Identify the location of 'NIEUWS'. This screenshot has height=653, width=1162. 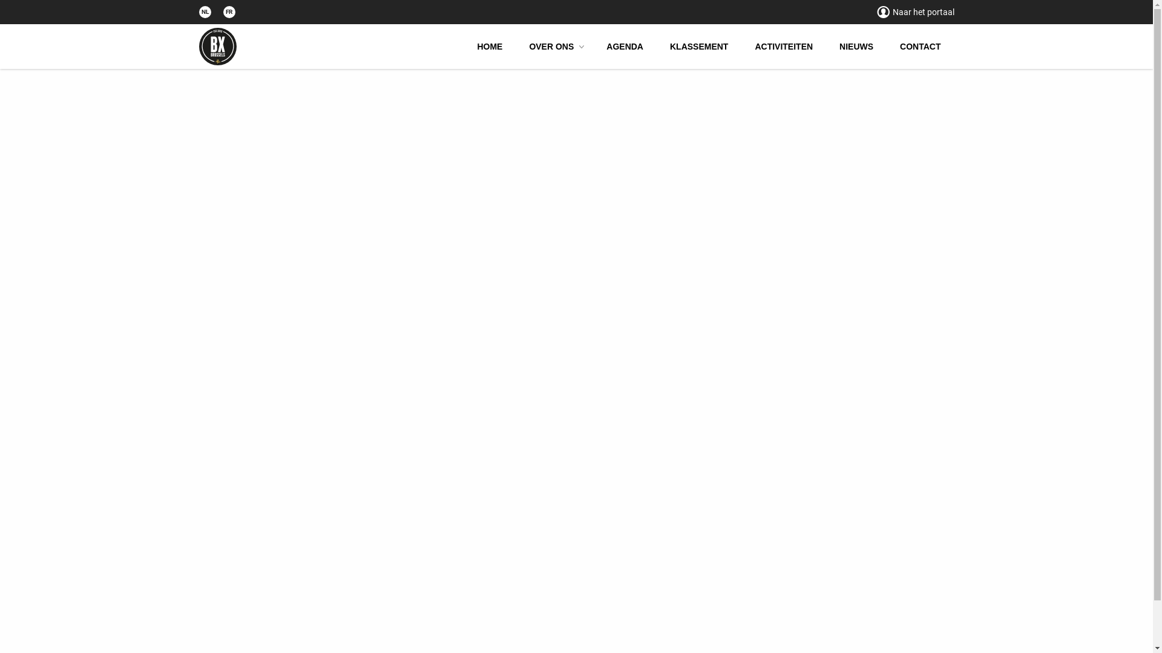
(825, 46).